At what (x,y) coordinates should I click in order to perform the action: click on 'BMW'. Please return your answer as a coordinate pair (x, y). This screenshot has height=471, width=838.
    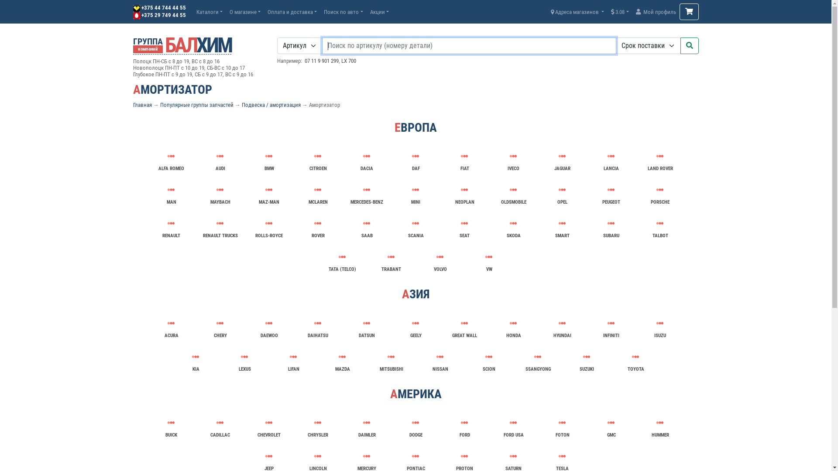
    Looking at the image, I should click on (268, 156).